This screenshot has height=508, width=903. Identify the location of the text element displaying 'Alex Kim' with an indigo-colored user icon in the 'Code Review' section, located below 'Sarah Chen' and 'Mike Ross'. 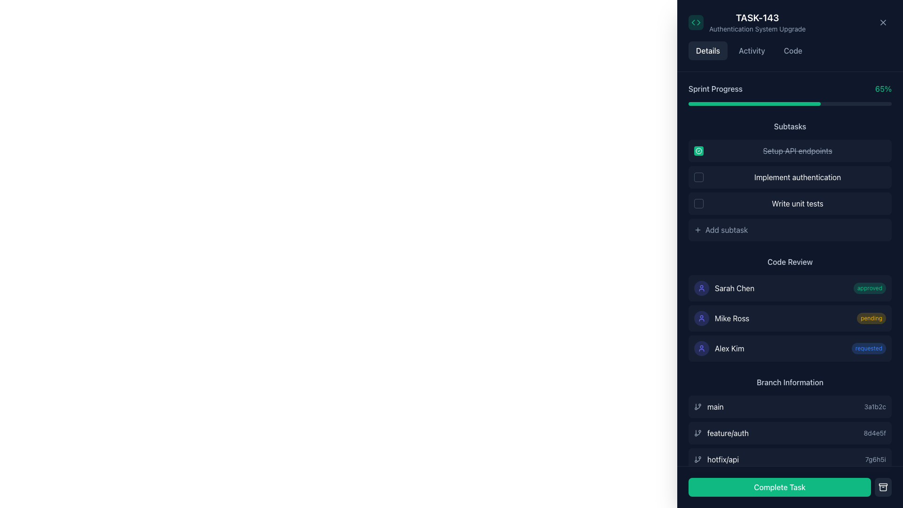
(719, 348).